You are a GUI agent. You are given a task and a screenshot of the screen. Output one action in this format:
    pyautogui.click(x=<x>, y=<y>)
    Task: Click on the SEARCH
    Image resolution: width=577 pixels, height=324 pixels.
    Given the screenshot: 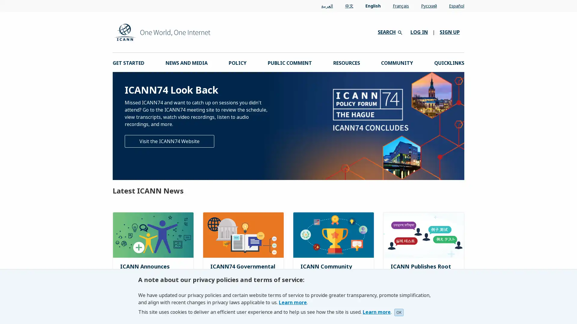 What is the action you would take?
    pyautogui.click(x=389, y=31)
    